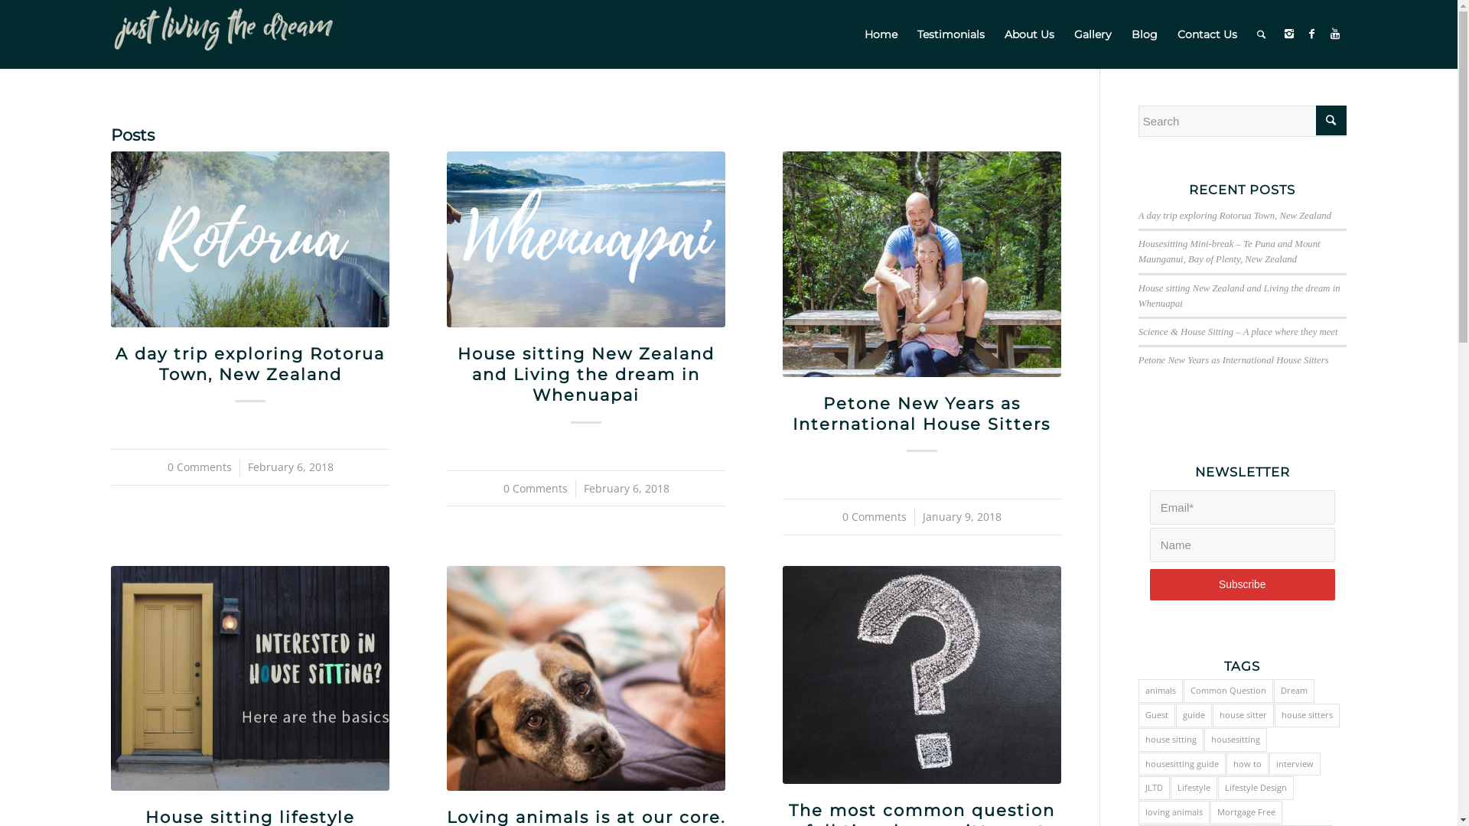 Image resolution: width=1469 pixels, height=826 pixels. Describe the element at coordinates (1311, 33) in the screenshot. I see `'Facebook'` at that location.